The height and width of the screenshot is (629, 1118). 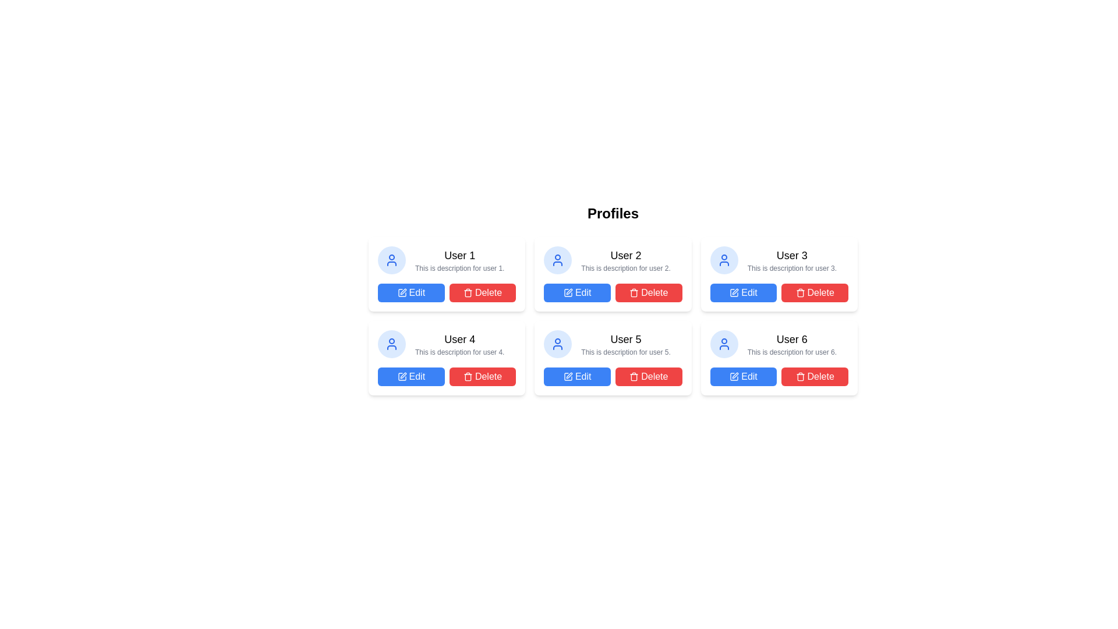 I want to click on the Profile card element featuring a circular blue user icon and the title 'User 2' in bold, located in the second slot of the top row in the user card grid, so click(x=612, y=260).